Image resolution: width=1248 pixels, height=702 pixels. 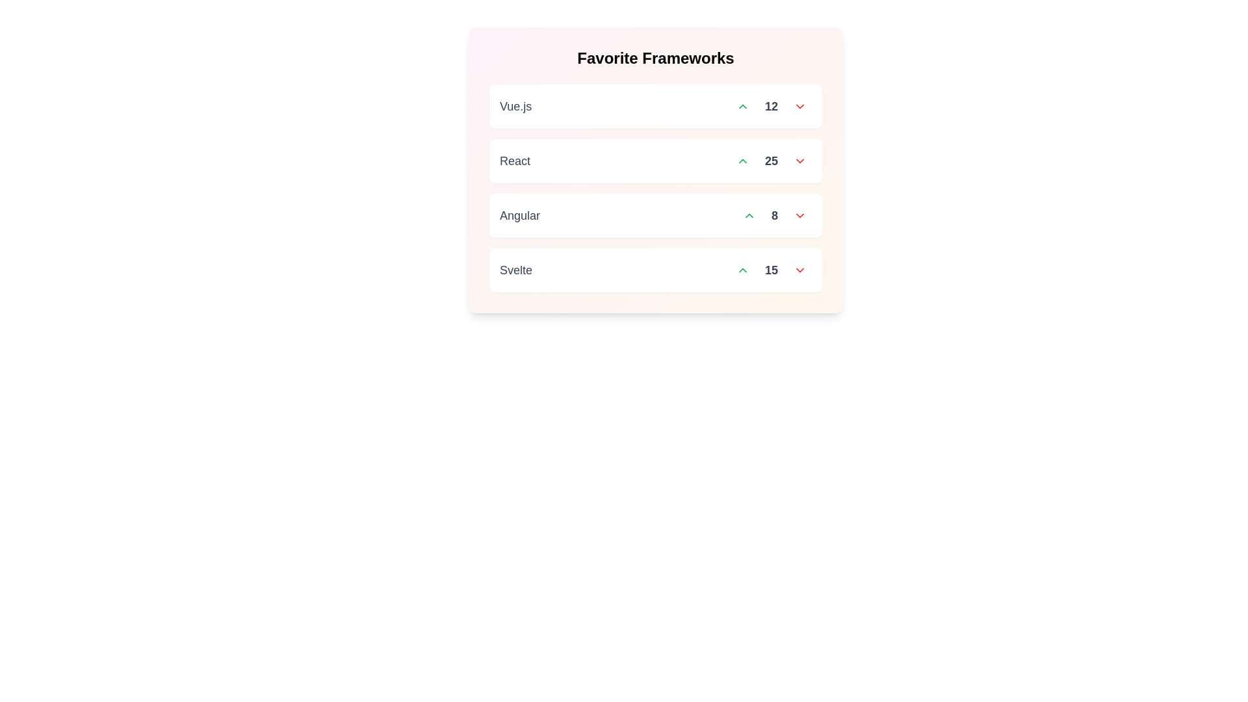 What do you see at coordinates (799, 270) in the screenshot?
I see `downvote button for the item Svelte to decrease its vote count` at bounding box center [799, 270].